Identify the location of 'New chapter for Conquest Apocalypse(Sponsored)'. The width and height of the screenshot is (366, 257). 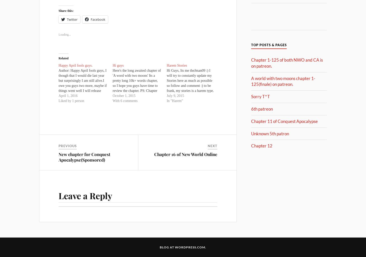
(84, 156).